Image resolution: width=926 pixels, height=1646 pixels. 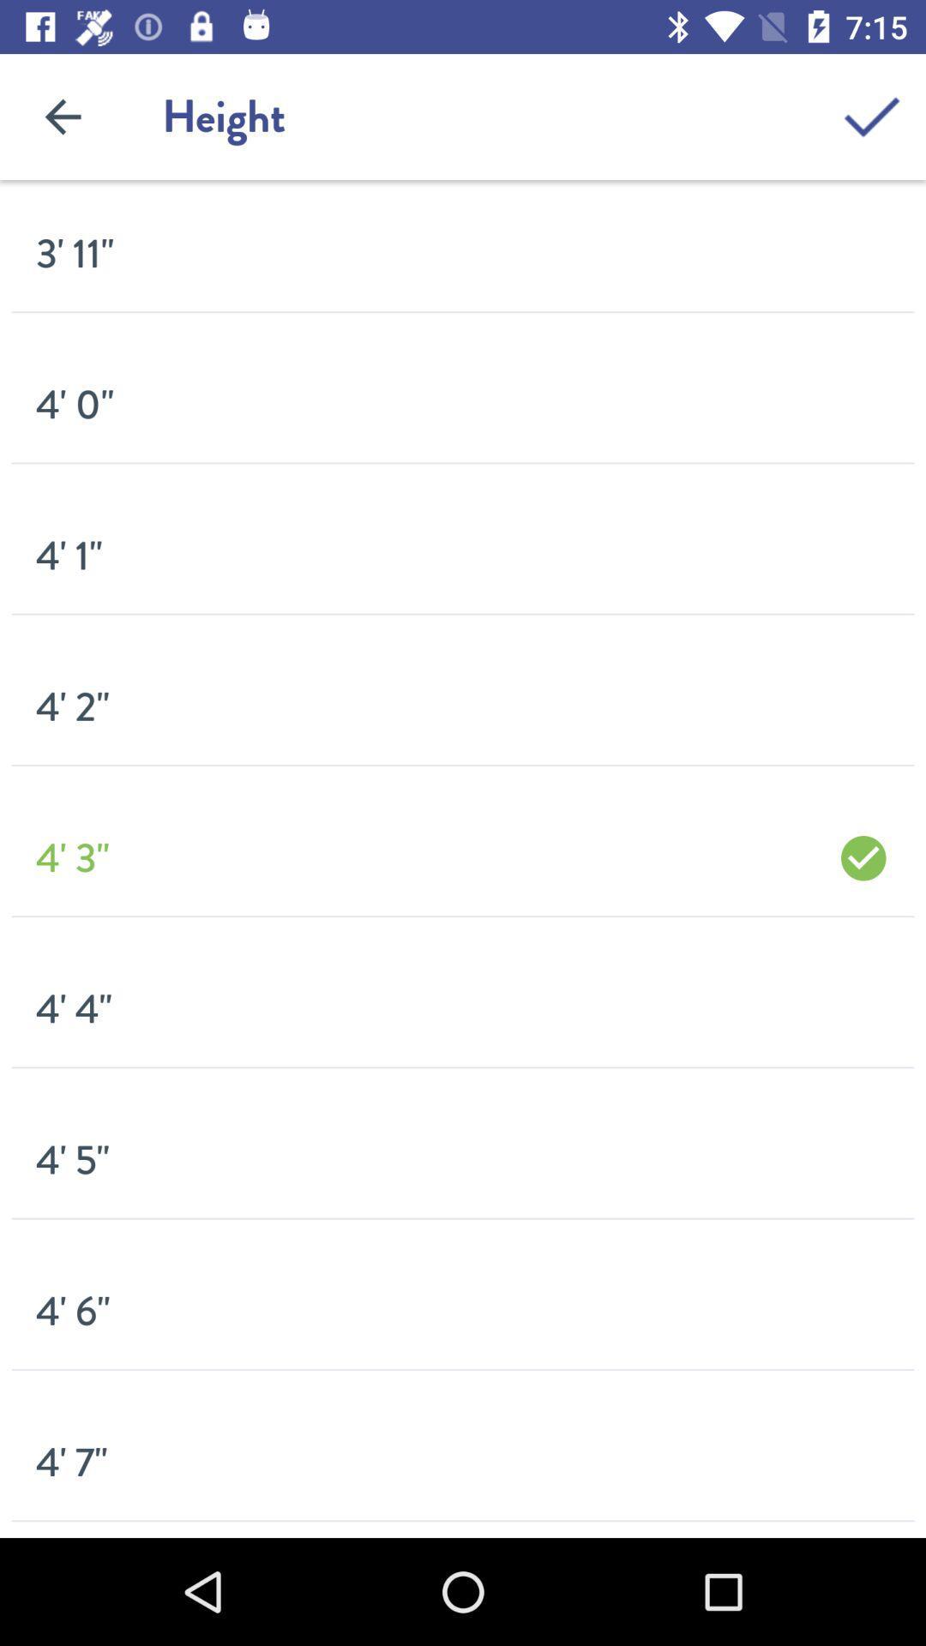 I want to click on item to the left of the height icon, so click(x=62, y=116).